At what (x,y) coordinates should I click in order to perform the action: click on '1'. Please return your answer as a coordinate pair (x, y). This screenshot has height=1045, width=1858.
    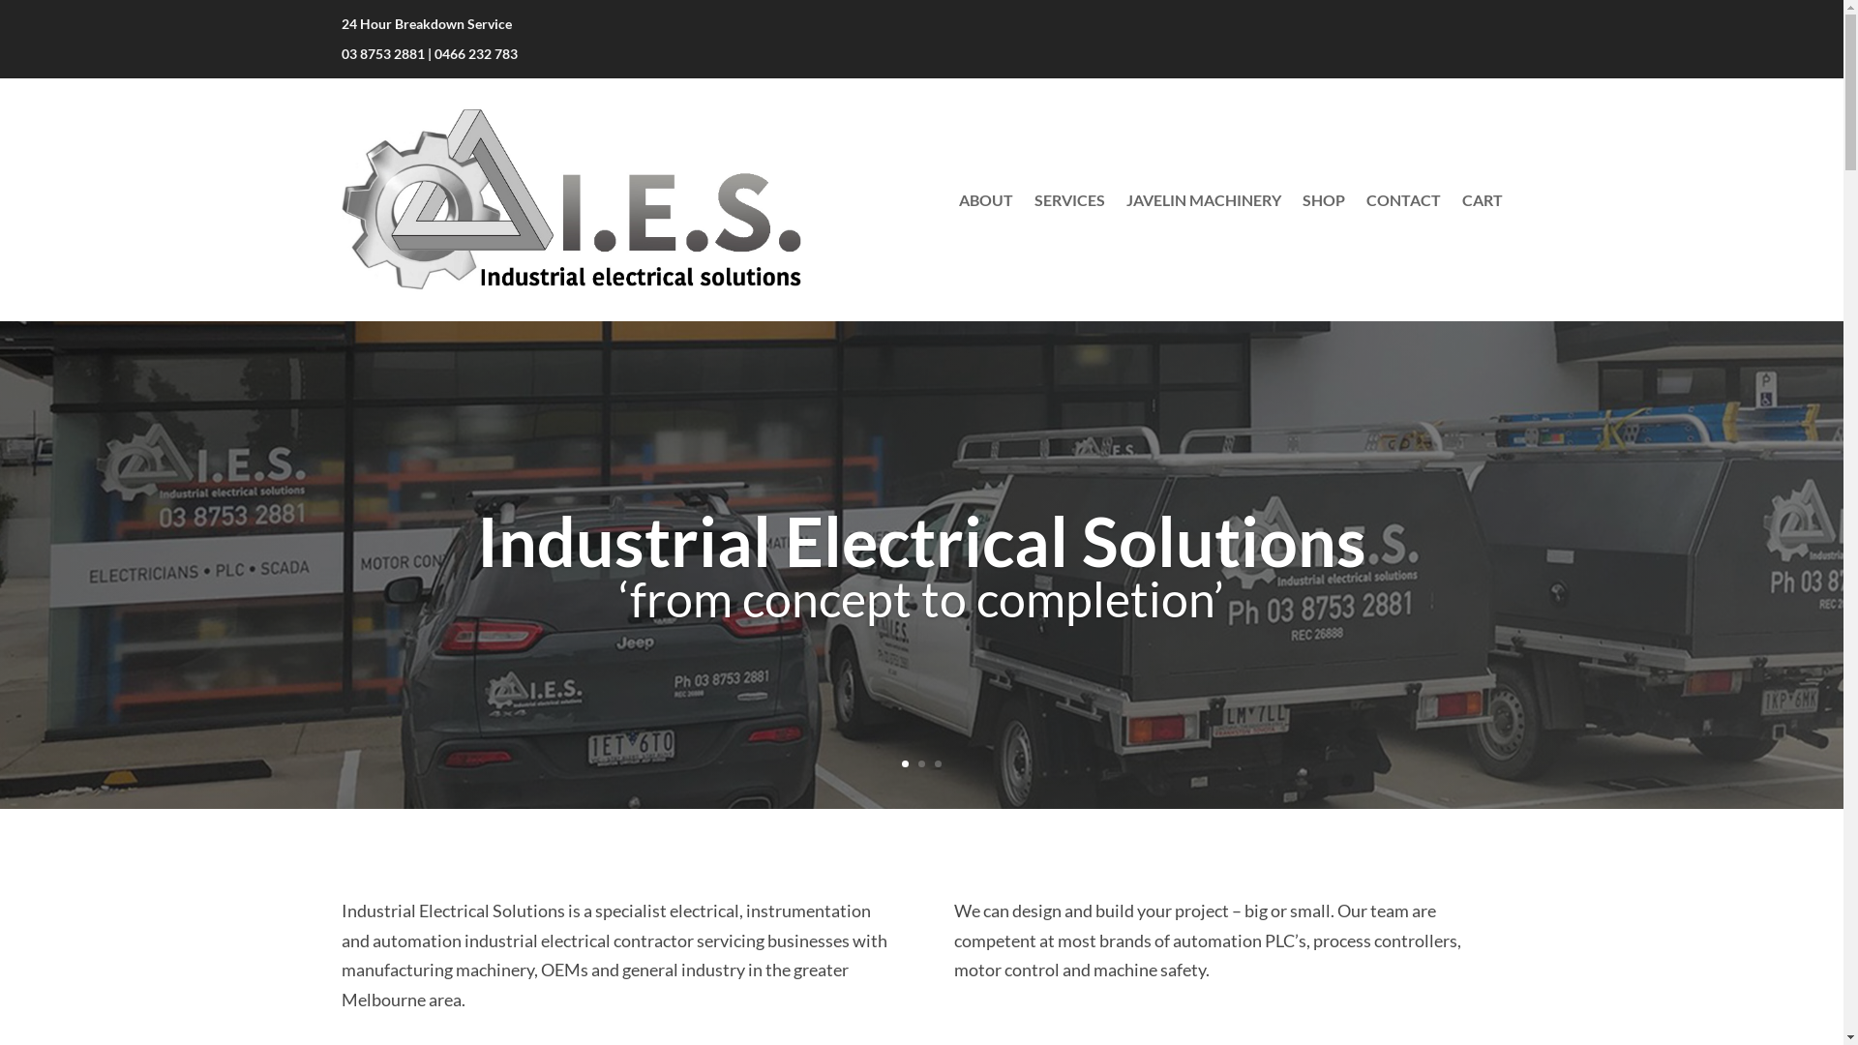
    Looking at the image, I should click on (900, 762).